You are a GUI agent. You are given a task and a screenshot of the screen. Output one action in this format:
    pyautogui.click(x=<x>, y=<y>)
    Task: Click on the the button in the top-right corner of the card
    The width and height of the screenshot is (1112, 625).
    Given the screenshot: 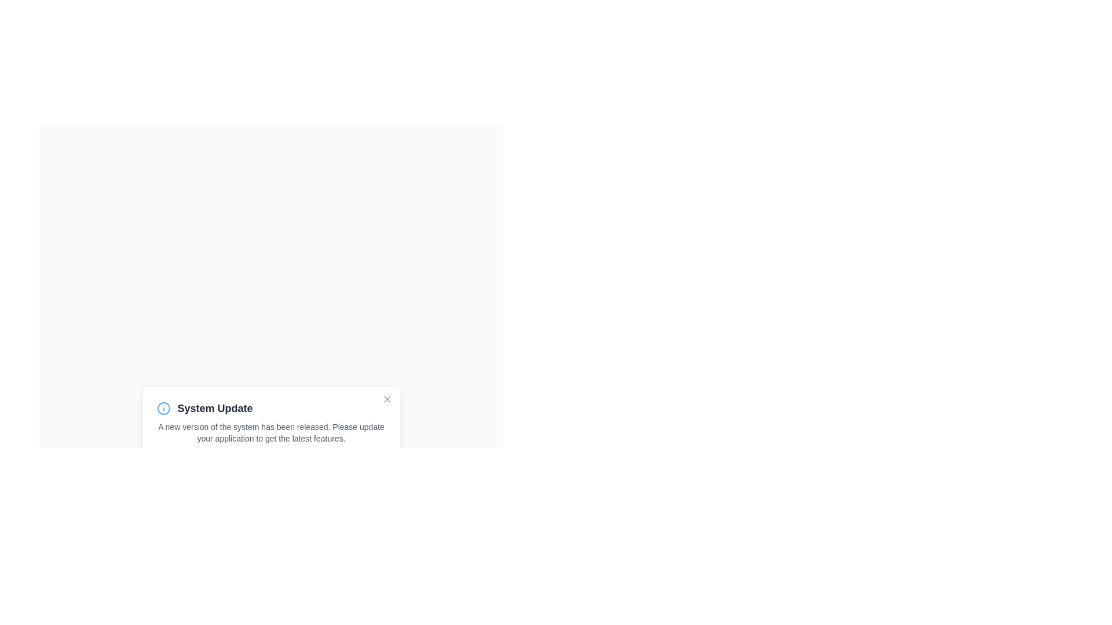 What is the action you would take?
    pyautogui.click(x=387, y=400)
    